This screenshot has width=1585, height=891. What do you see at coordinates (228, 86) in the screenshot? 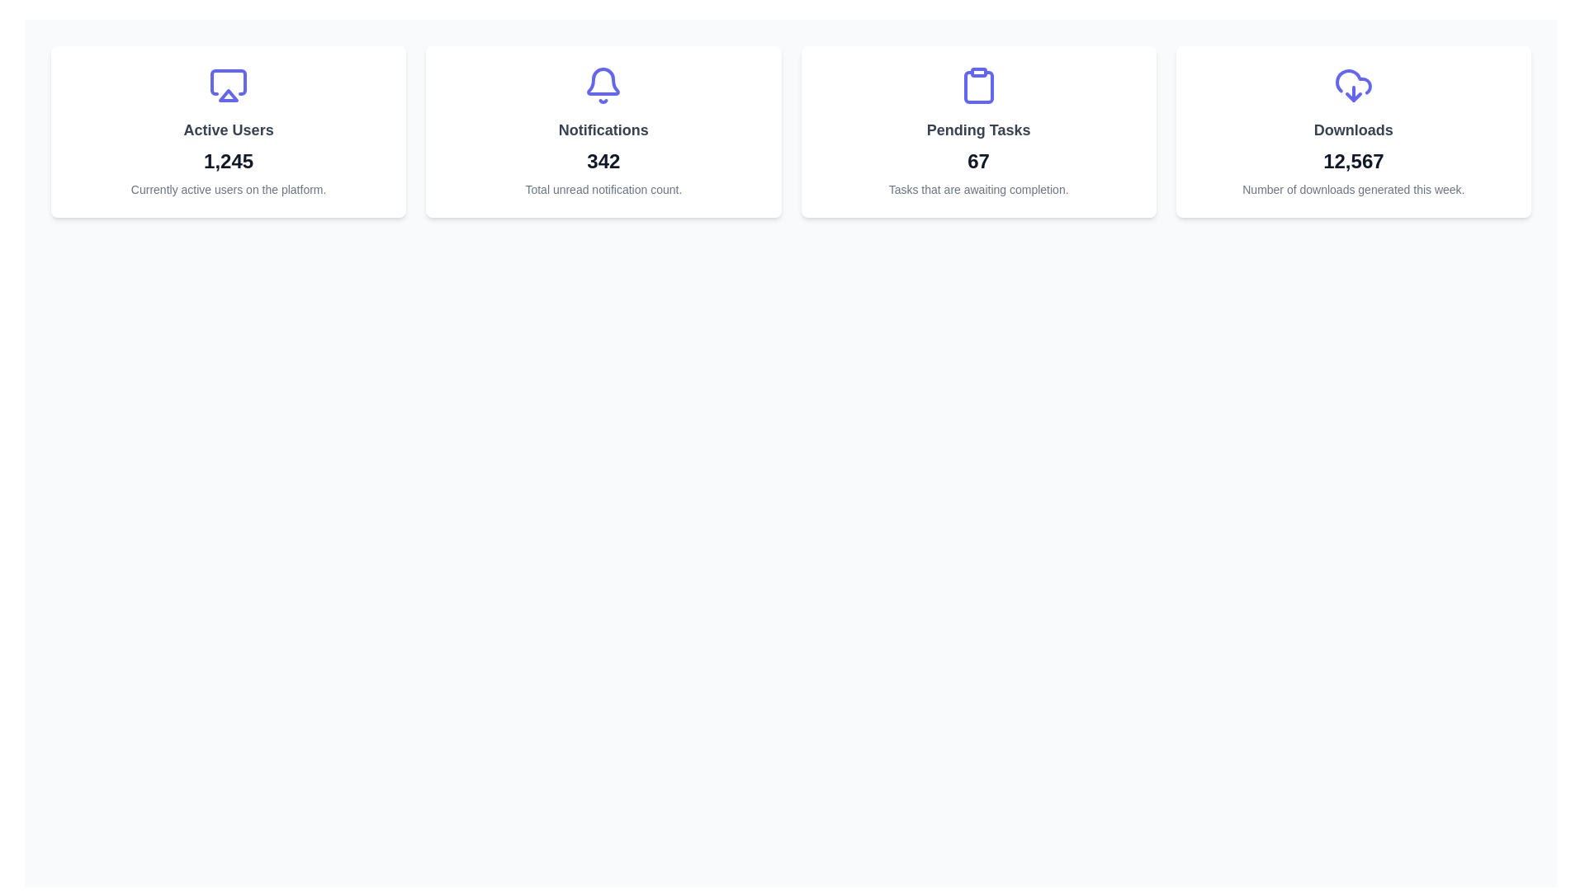
I see `the Icon (SVG) located at the top-center position of the 'Active Users' card to interact with it` at bounding box center [228, 86].